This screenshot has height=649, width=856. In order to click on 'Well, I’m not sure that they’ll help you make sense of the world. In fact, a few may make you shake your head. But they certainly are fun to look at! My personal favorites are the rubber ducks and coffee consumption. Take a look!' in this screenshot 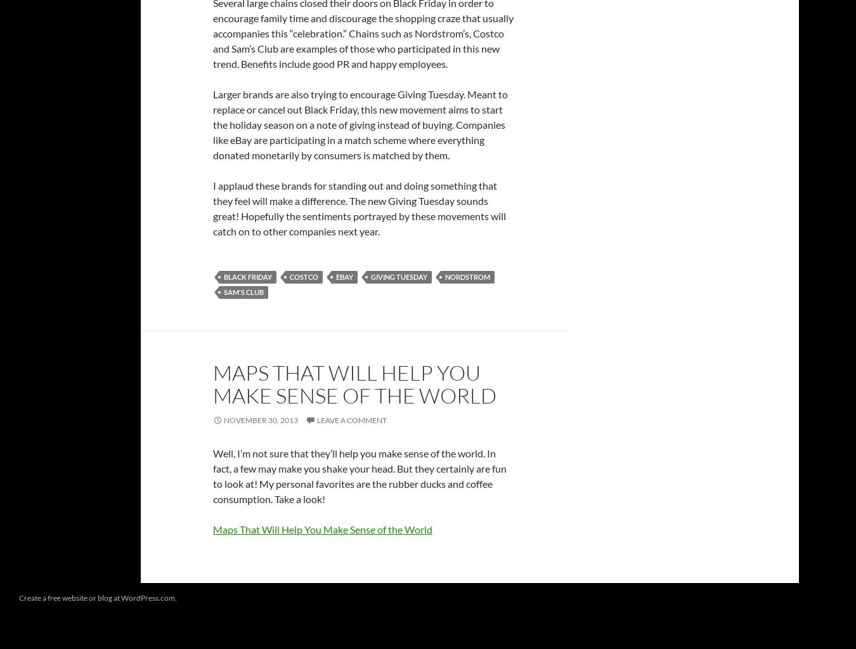, I will do `click(360, 475)`.